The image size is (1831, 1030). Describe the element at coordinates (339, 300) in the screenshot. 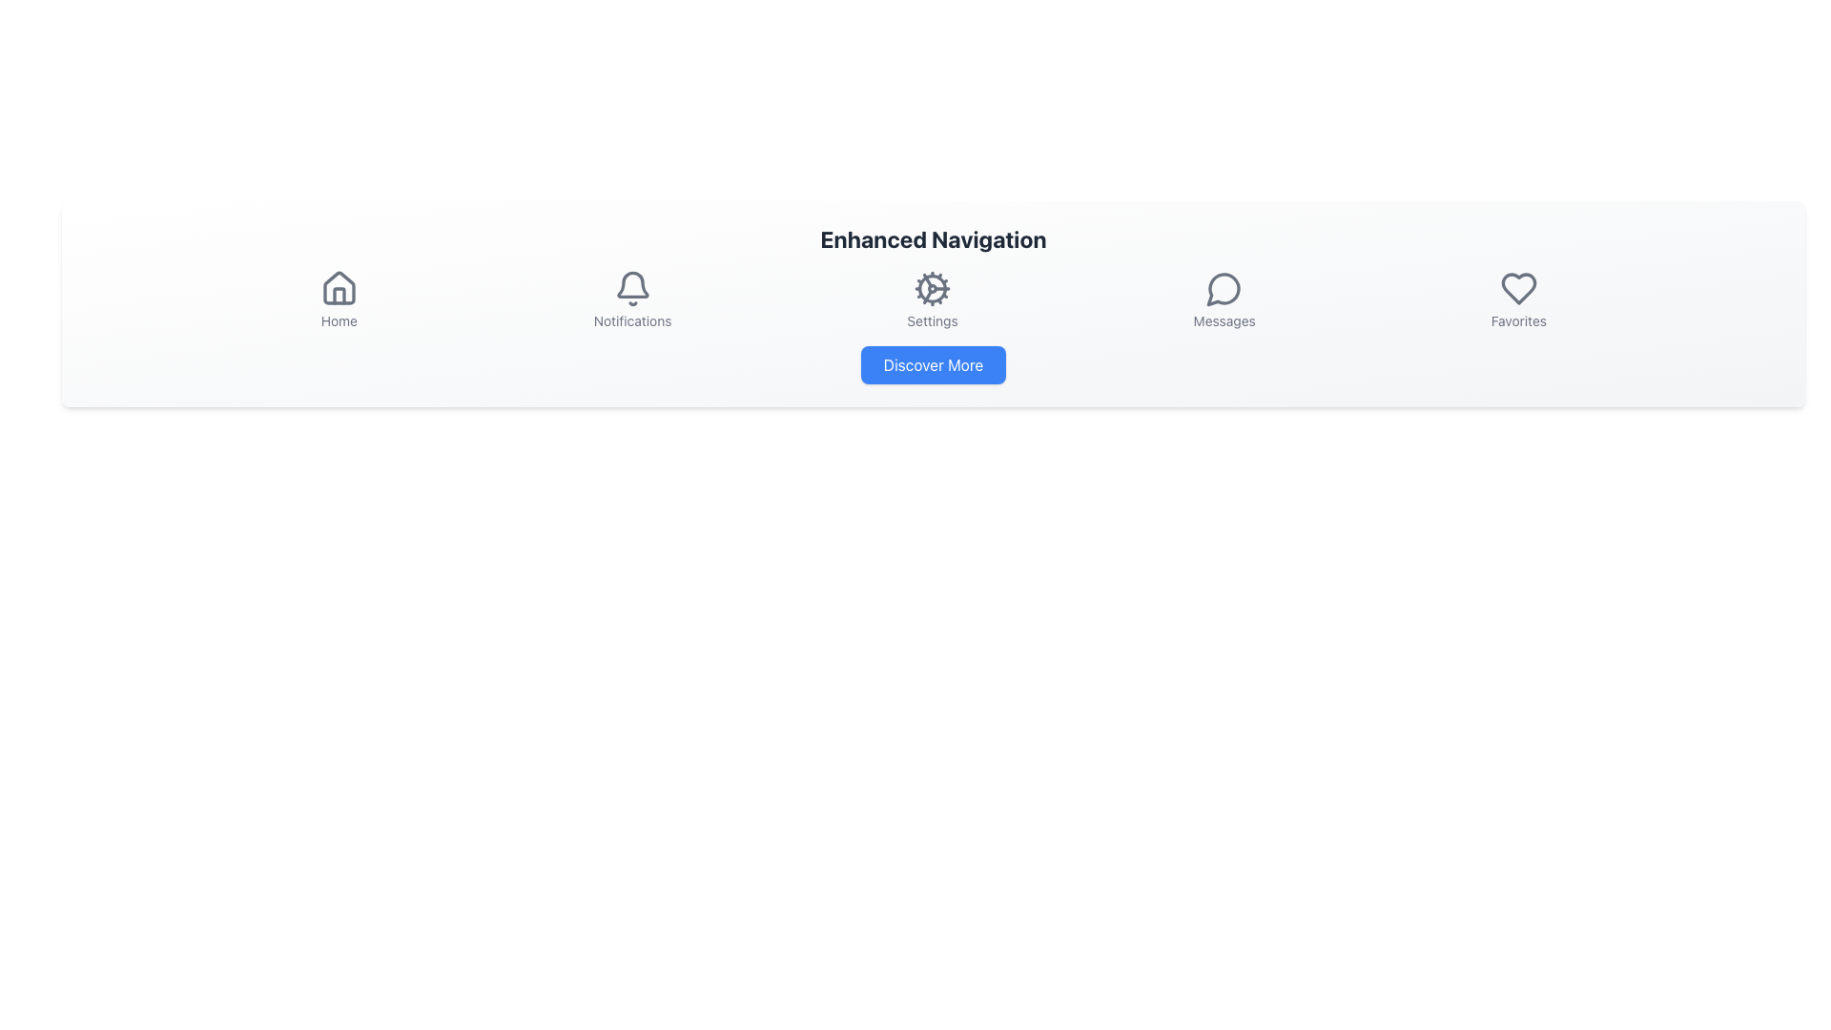

I see `the Navigation Button located at the top-left section of the navigation bar` at that location.